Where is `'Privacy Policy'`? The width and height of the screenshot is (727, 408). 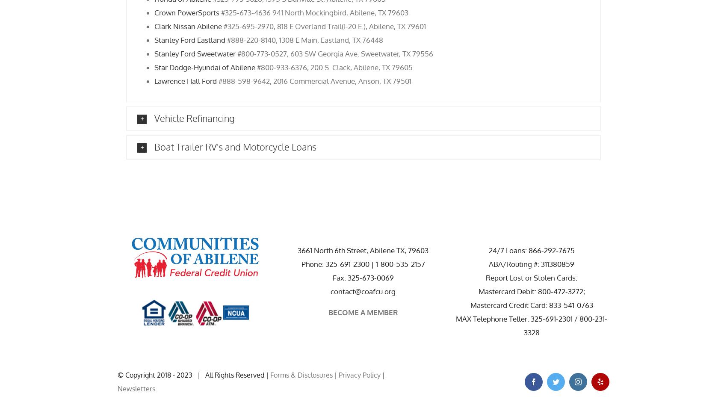 'Privacy Policy' is located at coordinates (359, 374).